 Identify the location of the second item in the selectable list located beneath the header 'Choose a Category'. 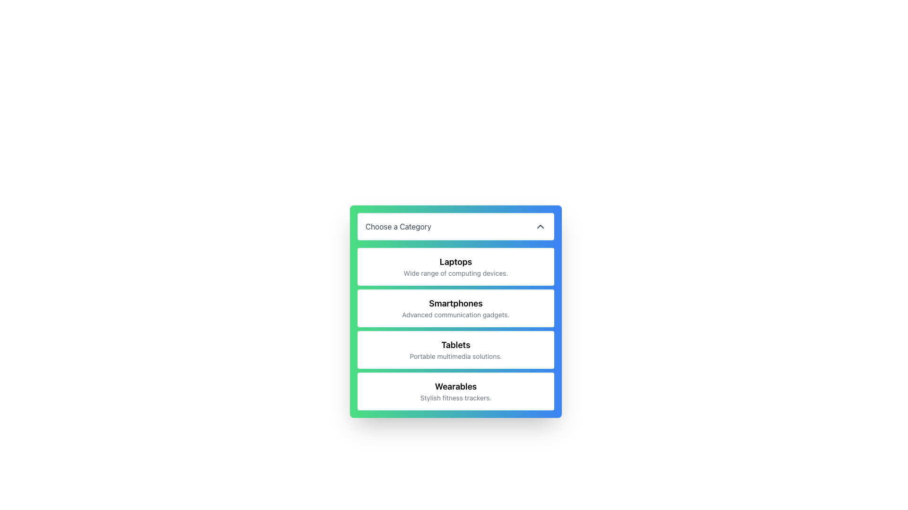
(456, 329).